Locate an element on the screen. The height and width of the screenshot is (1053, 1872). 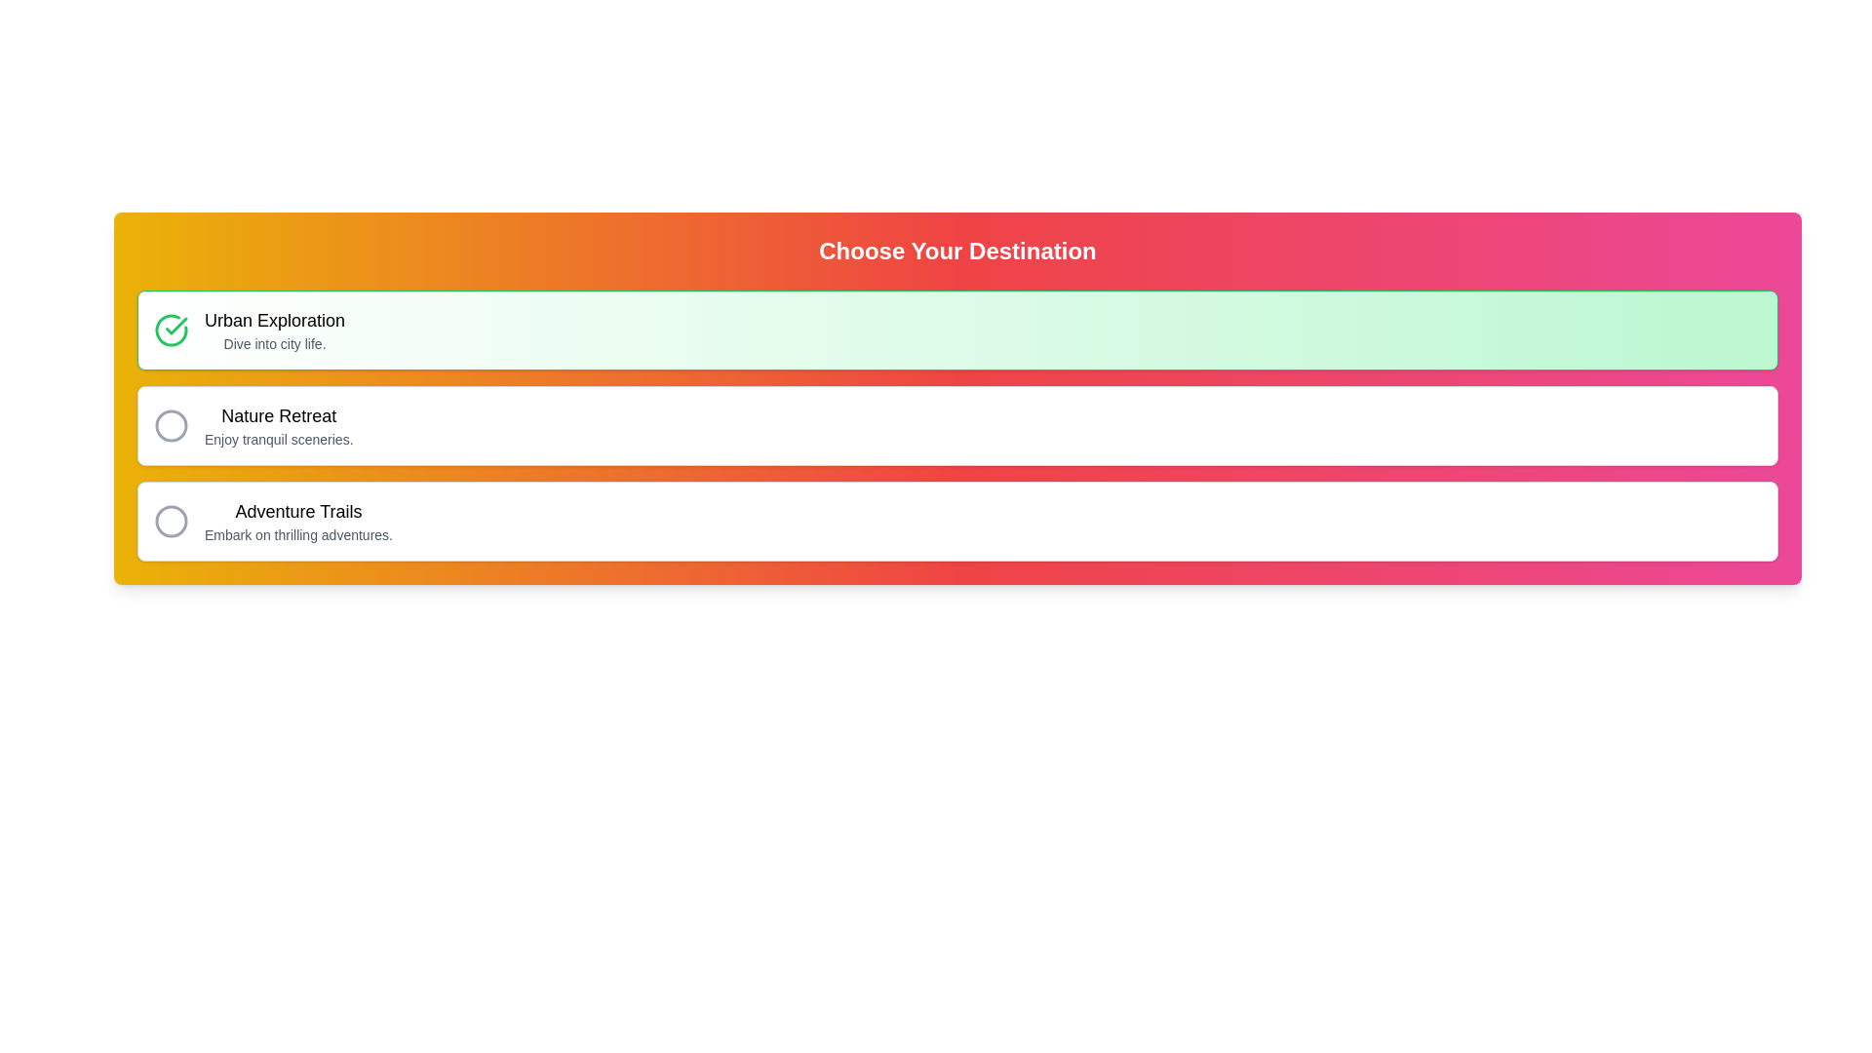
the selectable indicator (radio button) for the 'Nature Retreat' option, located at the left edge of the second card in a vertical list is located at coordinates (172, 424).